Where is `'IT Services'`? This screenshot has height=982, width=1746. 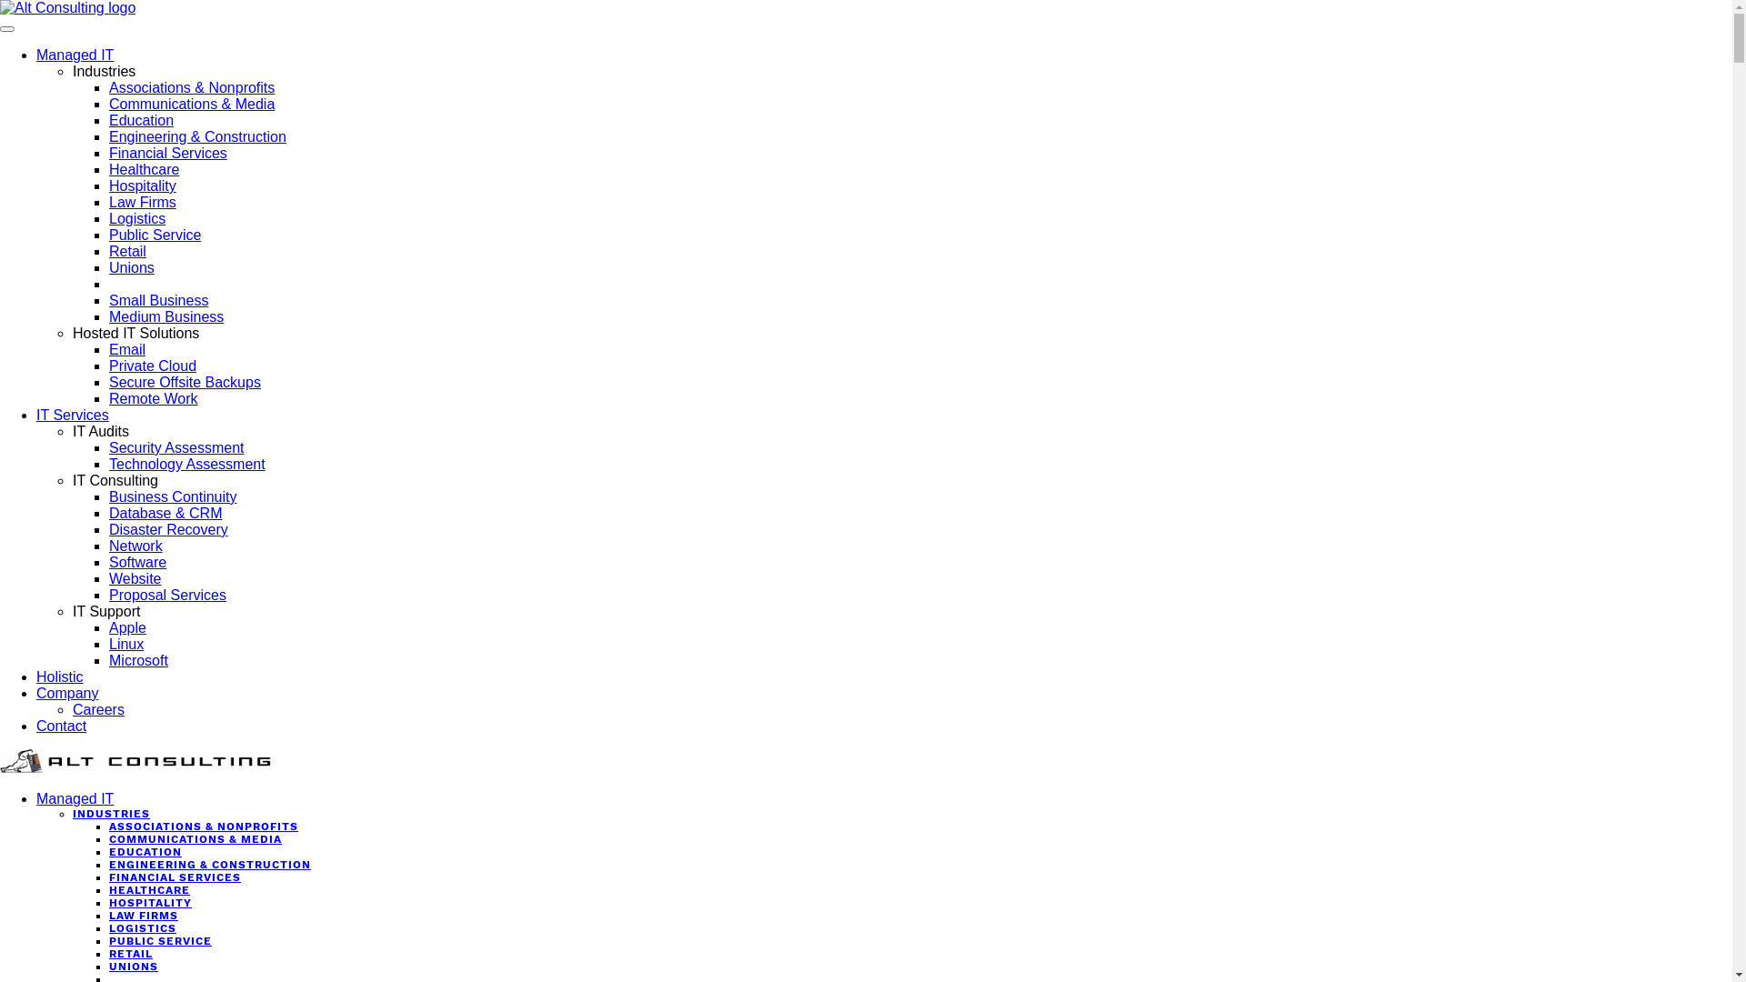 'IT Services' is located at coordinates (73, 415).